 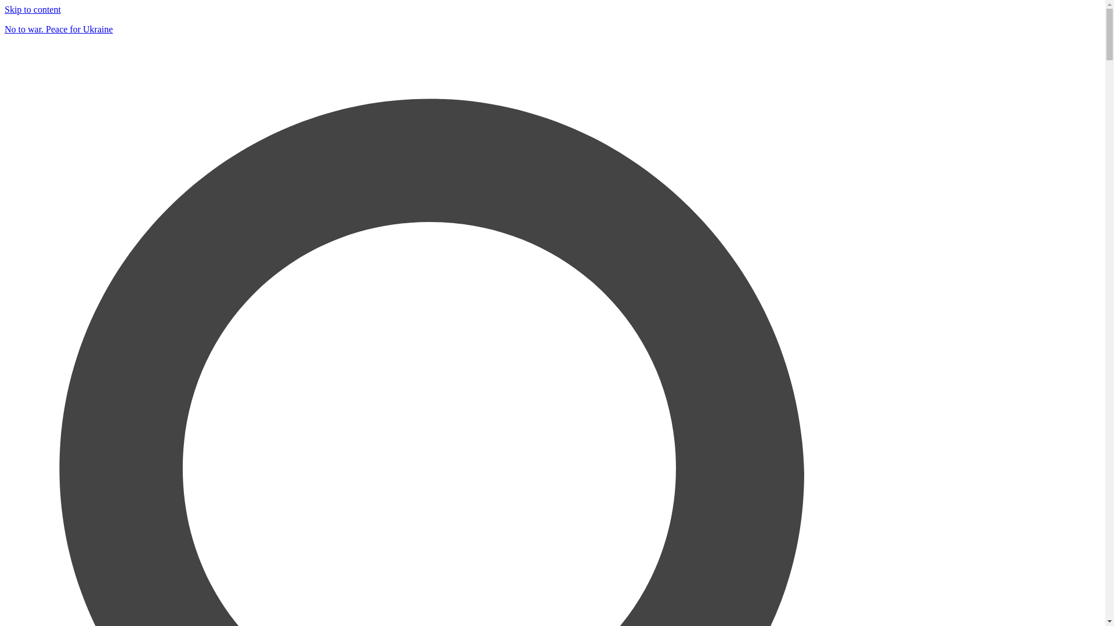 What do you see at coordinates (32, 9) in the screenshot?
I see `'Skip to content'` at bounding box center [32, 9].